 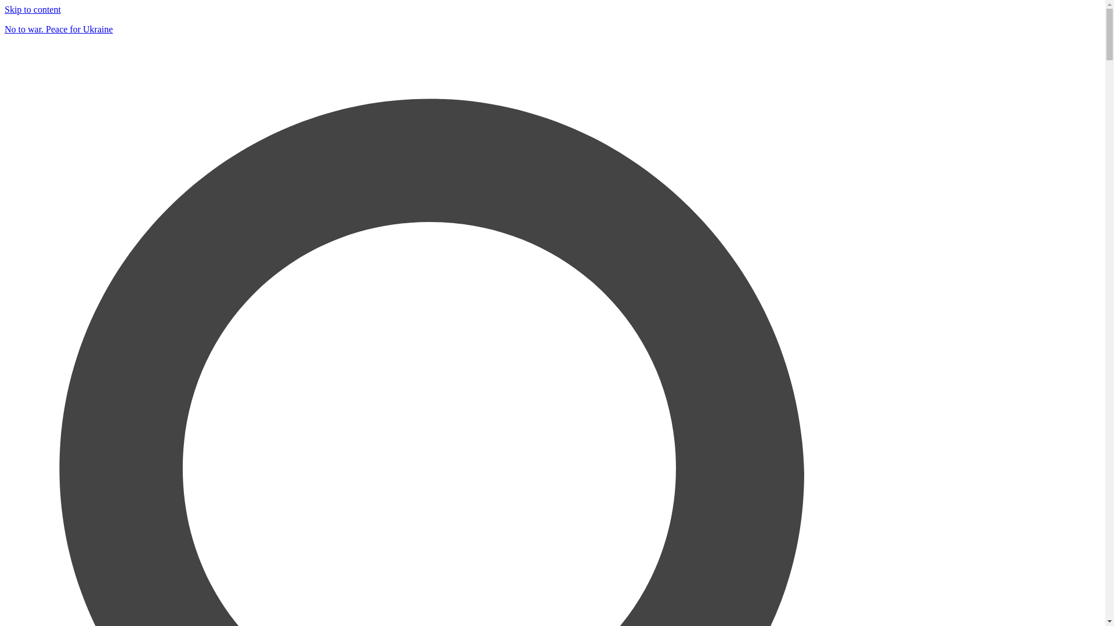 What do you see at coordinates (32, 9) in the screenshot?
I see `'Skip to content'` at bounding box center [32, 9].